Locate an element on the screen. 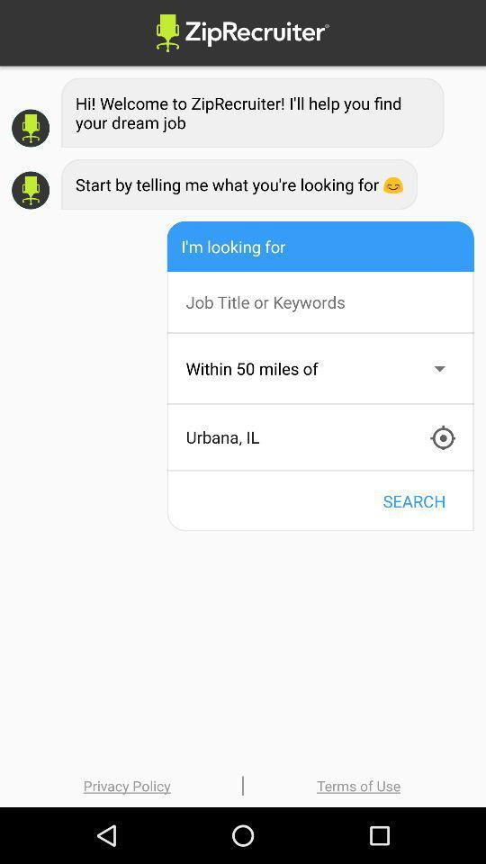 This screenshot has height=864, width=486. search by job title or keyword is located at coordinates (328, 301).